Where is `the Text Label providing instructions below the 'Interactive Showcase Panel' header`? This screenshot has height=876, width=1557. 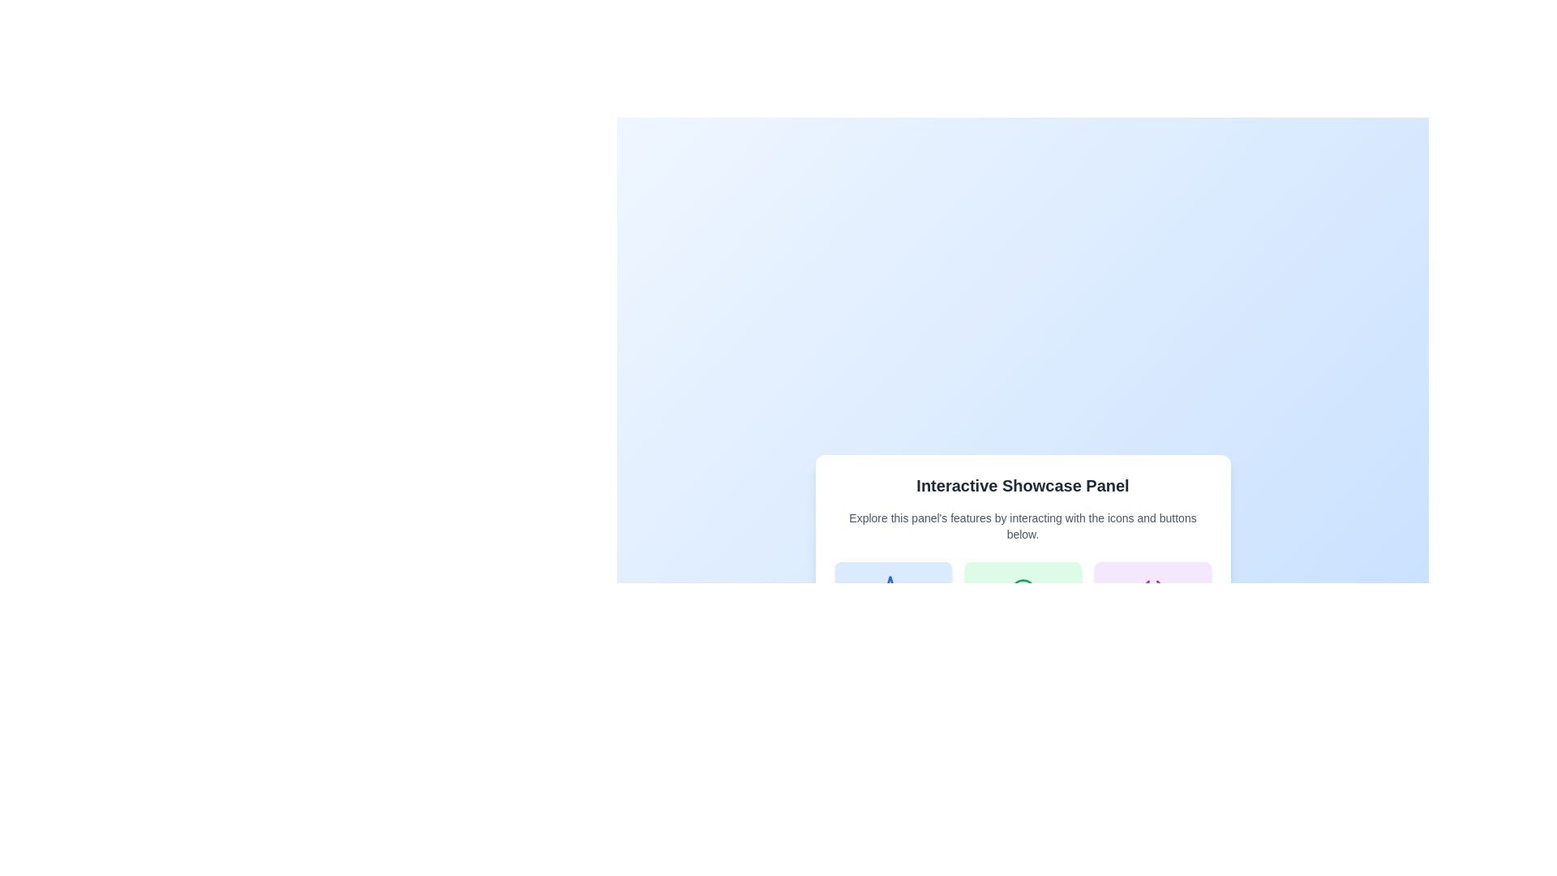 the Text Label providing instructions below the 'Interactive Showcase Panel' header is located at coordinates (1022, 526).